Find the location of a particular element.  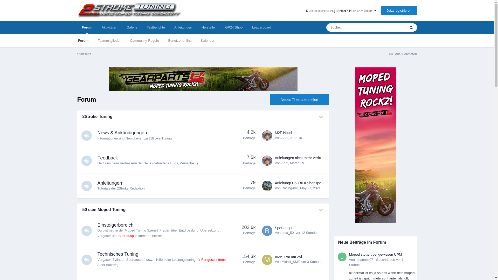

'Jetzt registrieren' is located at coordinates (381, 10).